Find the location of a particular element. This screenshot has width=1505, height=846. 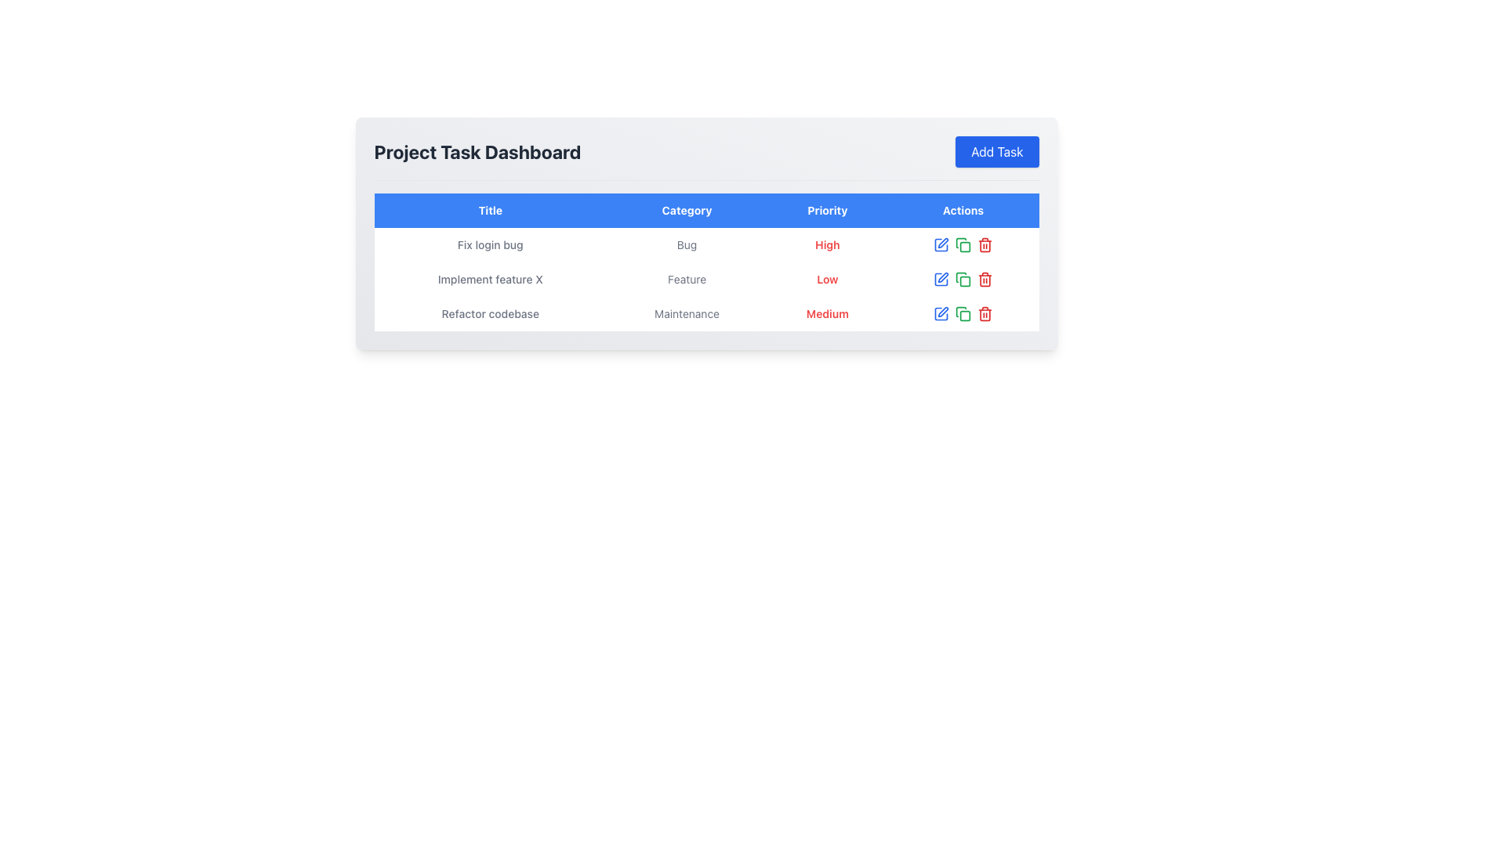

the green icon button with a duplicate symbol located in the second row of the Actions column in the table is located at coordinates (962, 244).